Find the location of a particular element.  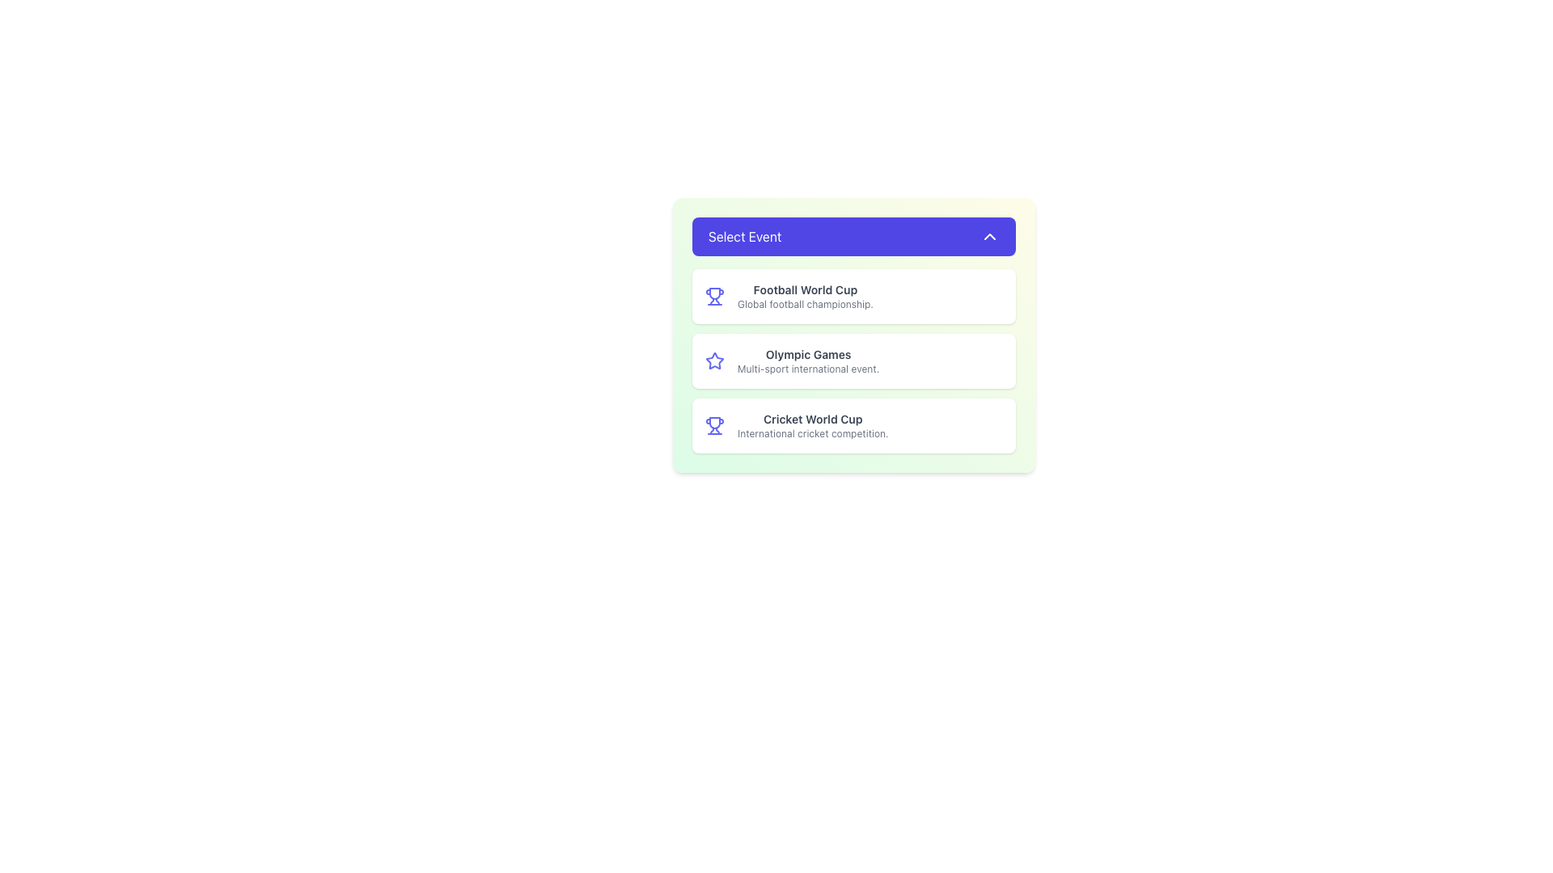

the text label that serves as the title for the dropdown menu, located at the top-left section of the dropdown header with a blue background is located at coordinates (744, 237).